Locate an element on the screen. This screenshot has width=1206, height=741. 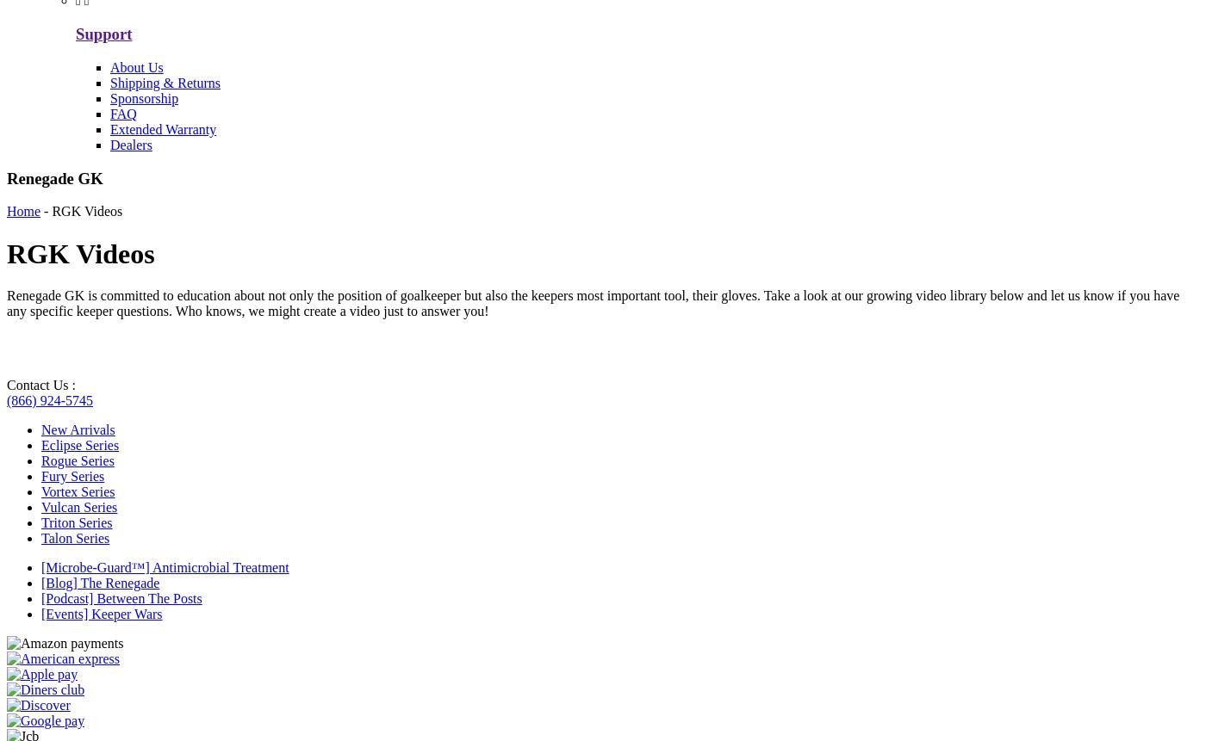
'Contact Us :' is located at coordinates (41, 384).